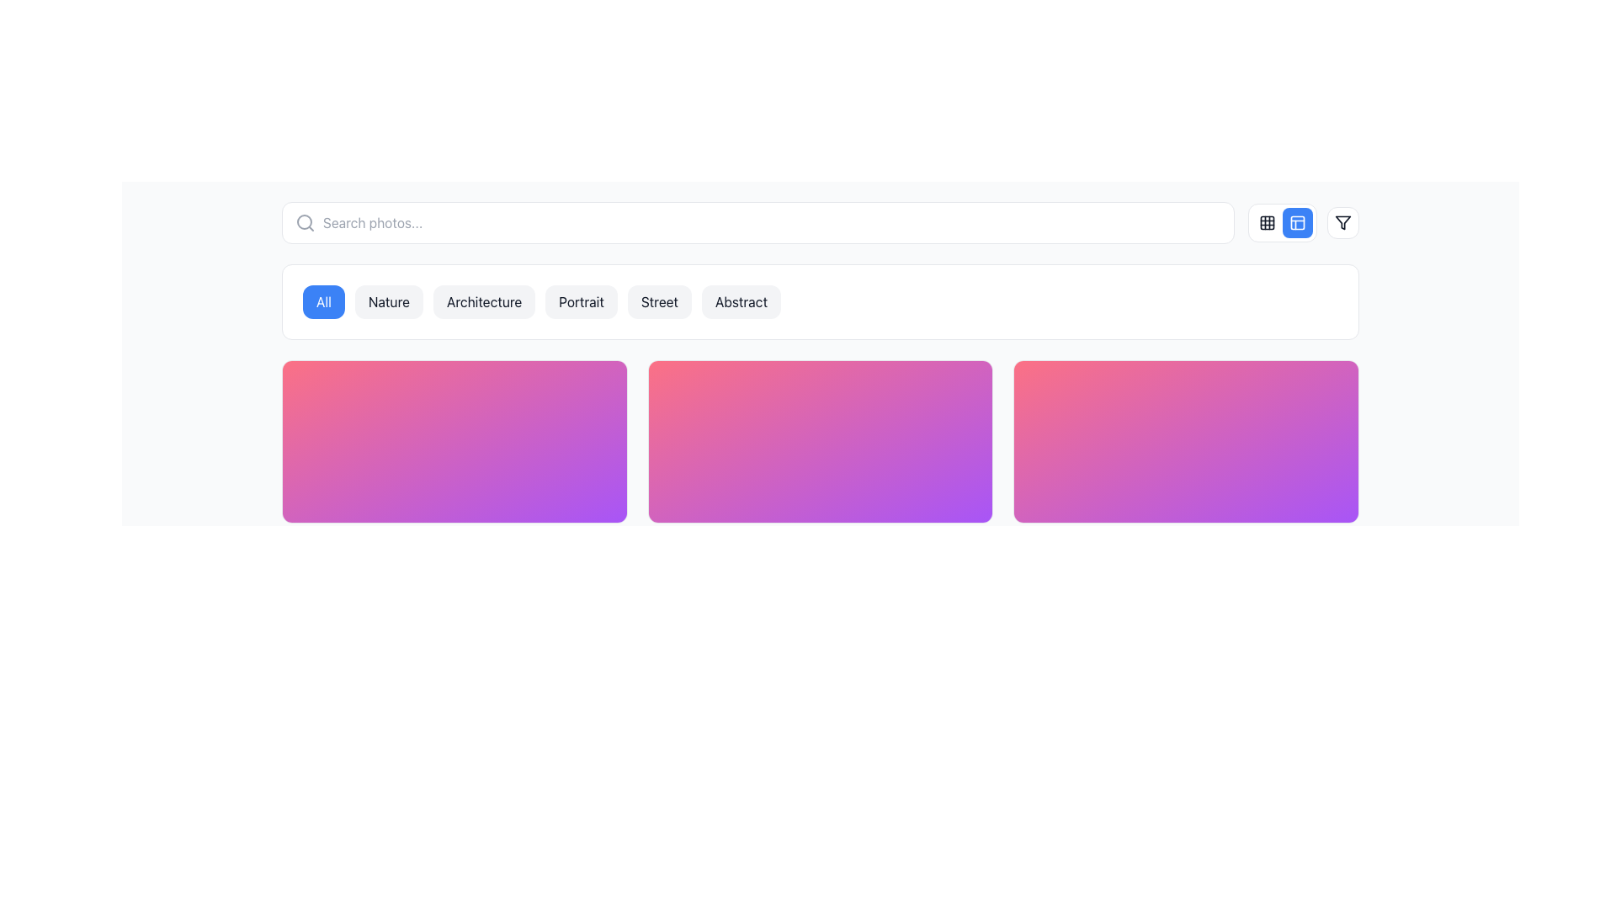  I want to click on the magnifying glass icon located at the far left of the search bar, so click(306, 222).